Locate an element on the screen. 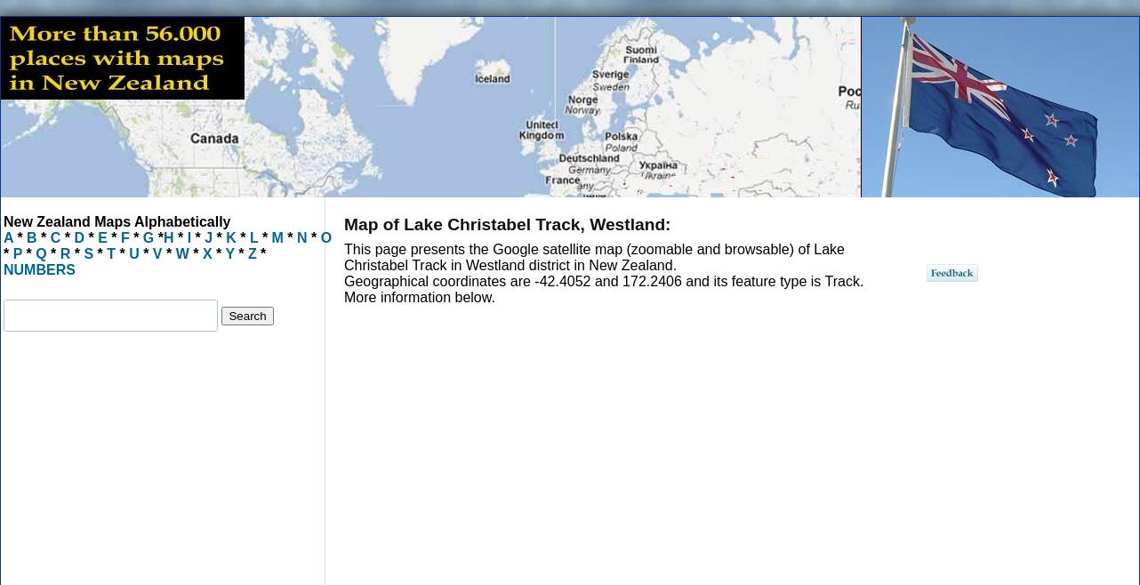  'G' is located at coordinates (147, 236).